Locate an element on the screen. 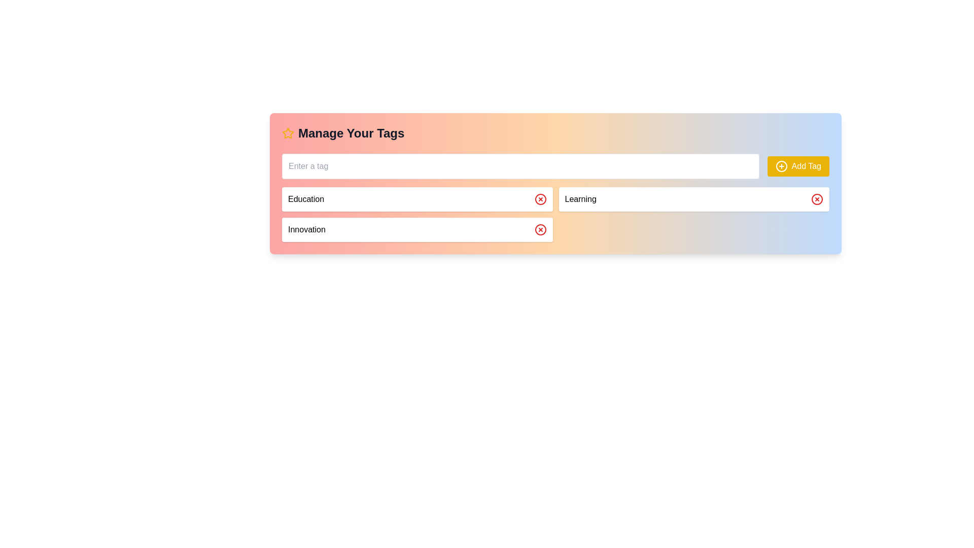  the circular part of the plus icon within the yellow 'Add Tag' button located to the right of the text input field is located at coordinates (781, 165).